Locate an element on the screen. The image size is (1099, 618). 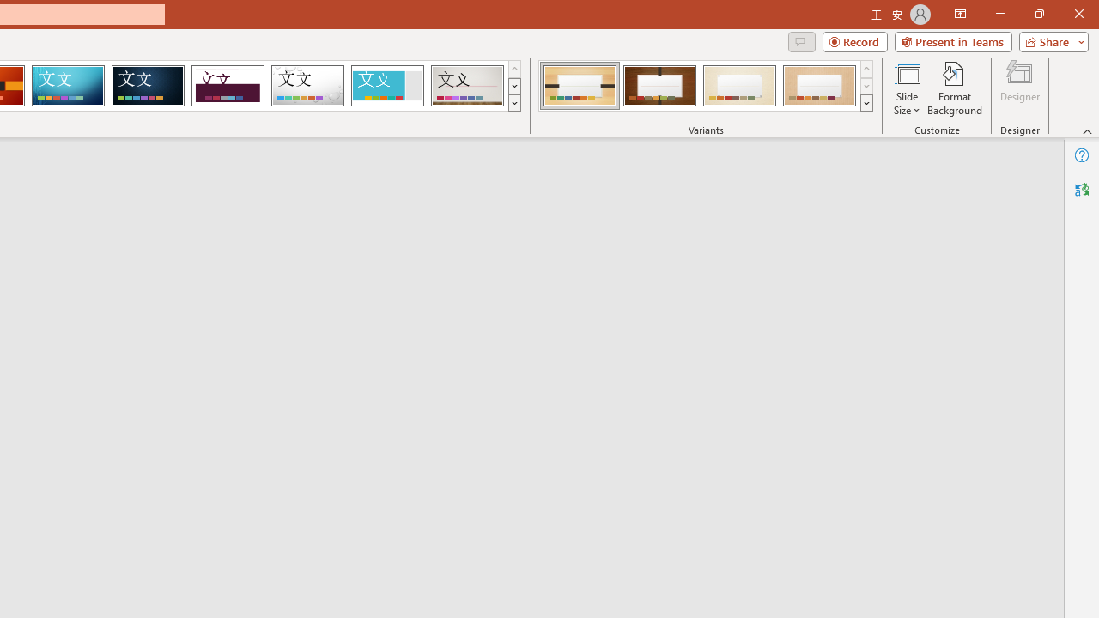
'Damask' is located at coordinates (148, 86).